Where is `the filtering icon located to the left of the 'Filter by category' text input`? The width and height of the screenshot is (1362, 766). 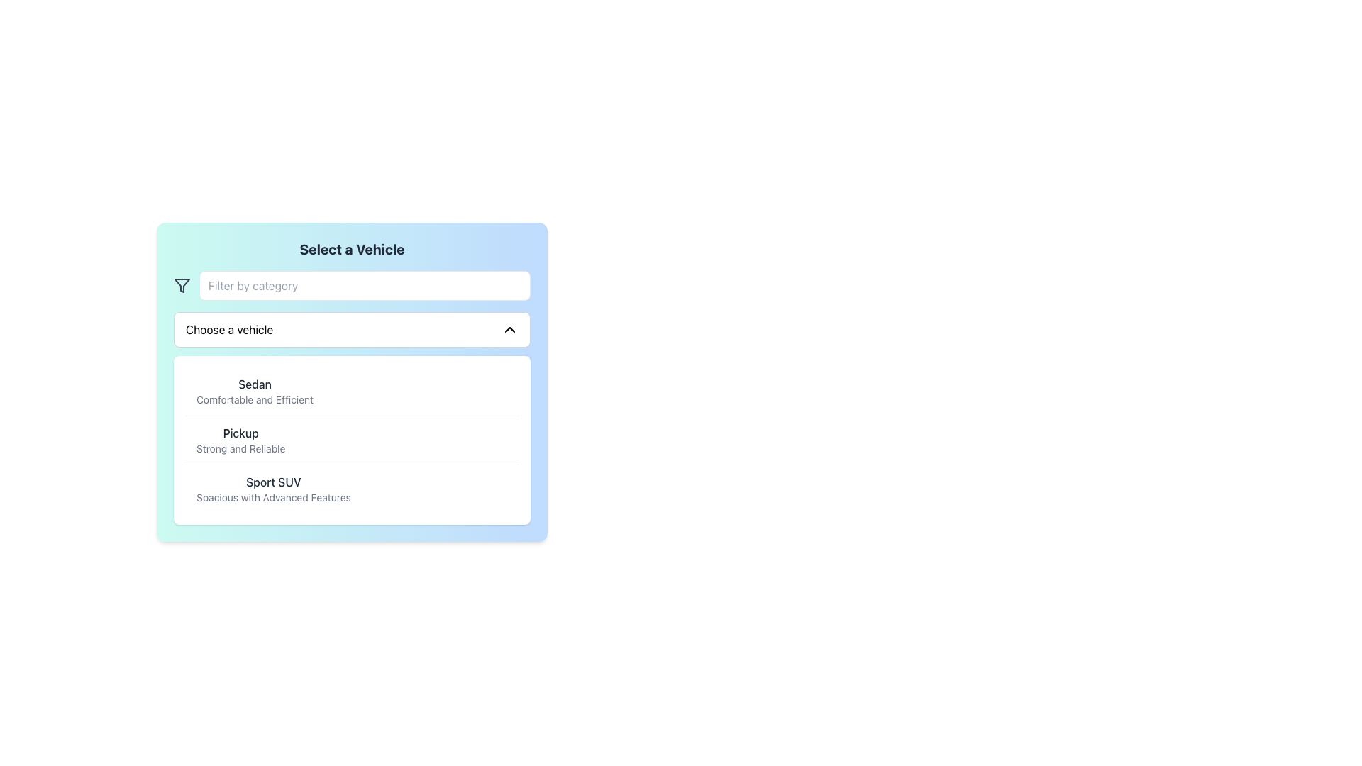 the filtering icon located to the left of the 'Filter by category' text input is located at coordinates (182, 285).